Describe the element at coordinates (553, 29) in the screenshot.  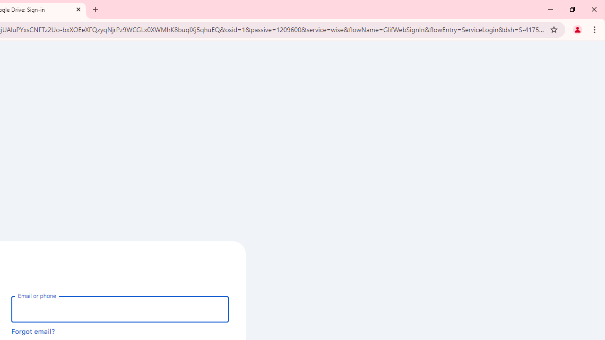
I see `'Bookmark this tab'` at that location.